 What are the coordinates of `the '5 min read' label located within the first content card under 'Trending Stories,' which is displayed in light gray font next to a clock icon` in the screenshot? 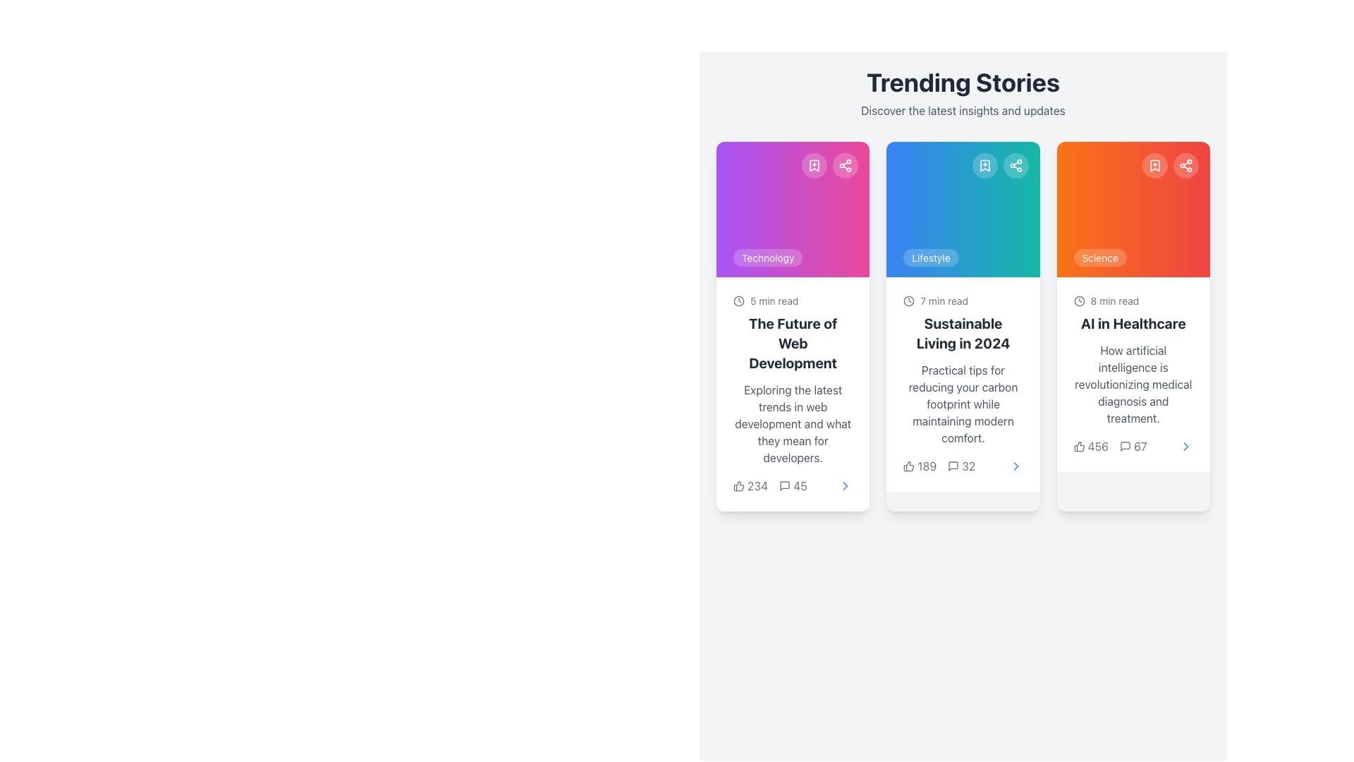 It's located at (774, 301).